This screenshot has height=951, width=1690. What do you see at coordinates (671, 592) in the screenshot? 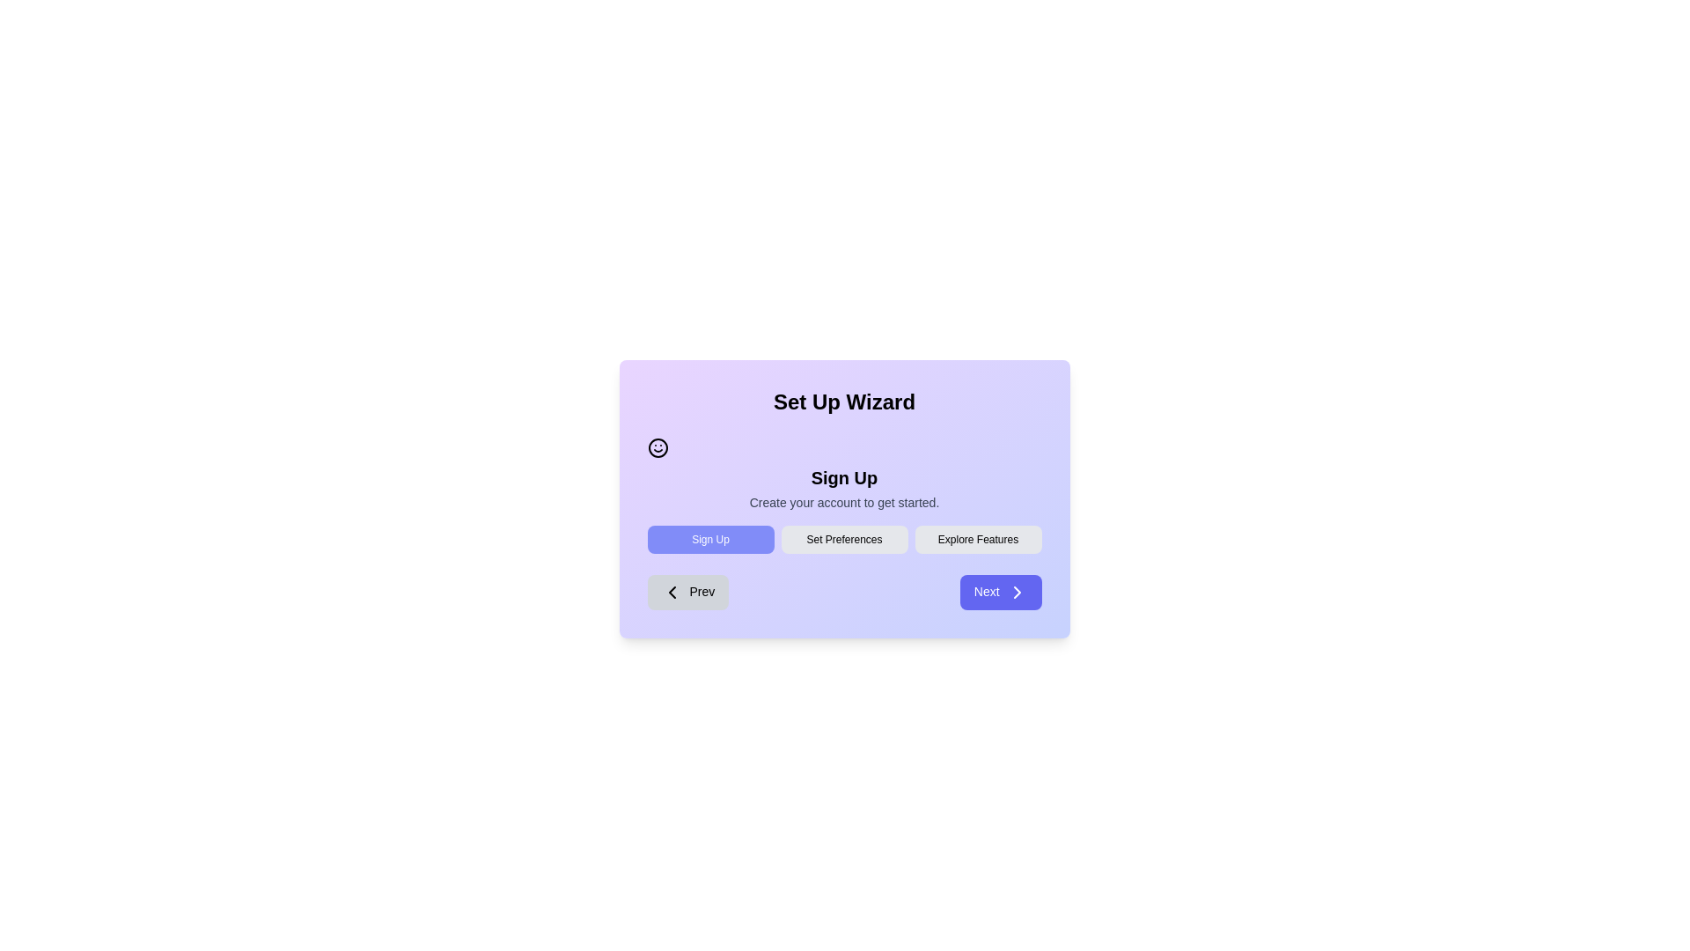
I see `the 'Previous' navigation button icon, which is located to the immediate left of the text 'Prev', to trigger tooltip or visual feedback` at bounding box center [671, 592].